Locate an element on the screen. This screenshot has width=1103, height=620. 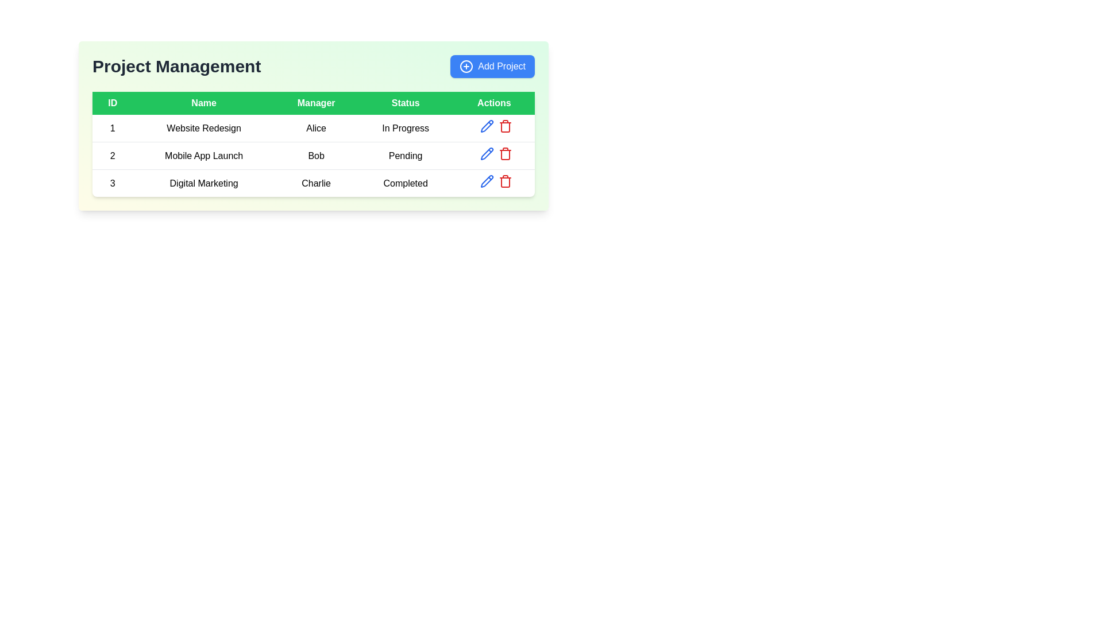
the trash can icon button in the Actions column of the third row is located at coordinates (506, 126).